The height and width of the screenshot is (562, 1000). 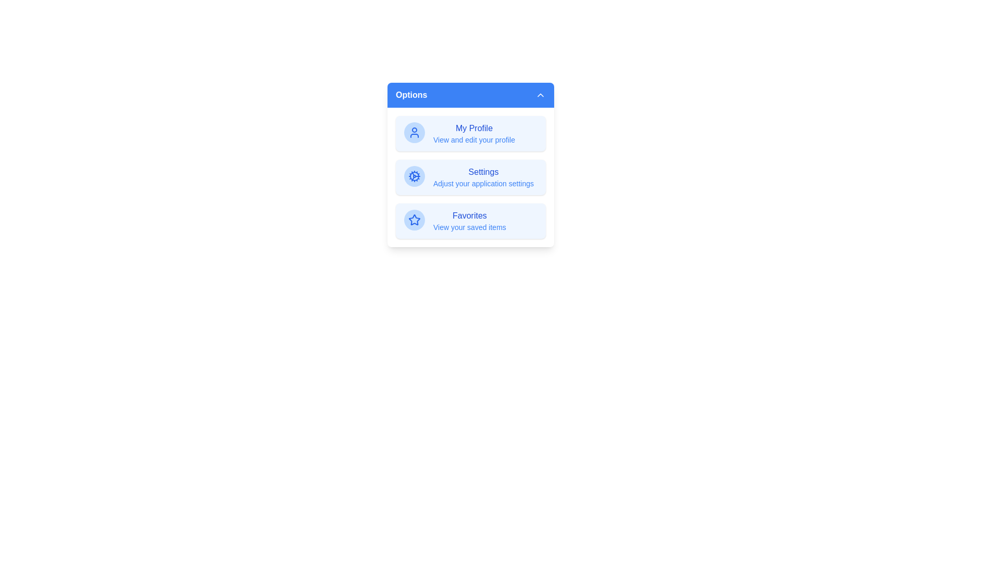 I want to click on the icon corresponding to the Settings option, so click(x=414, y=176).